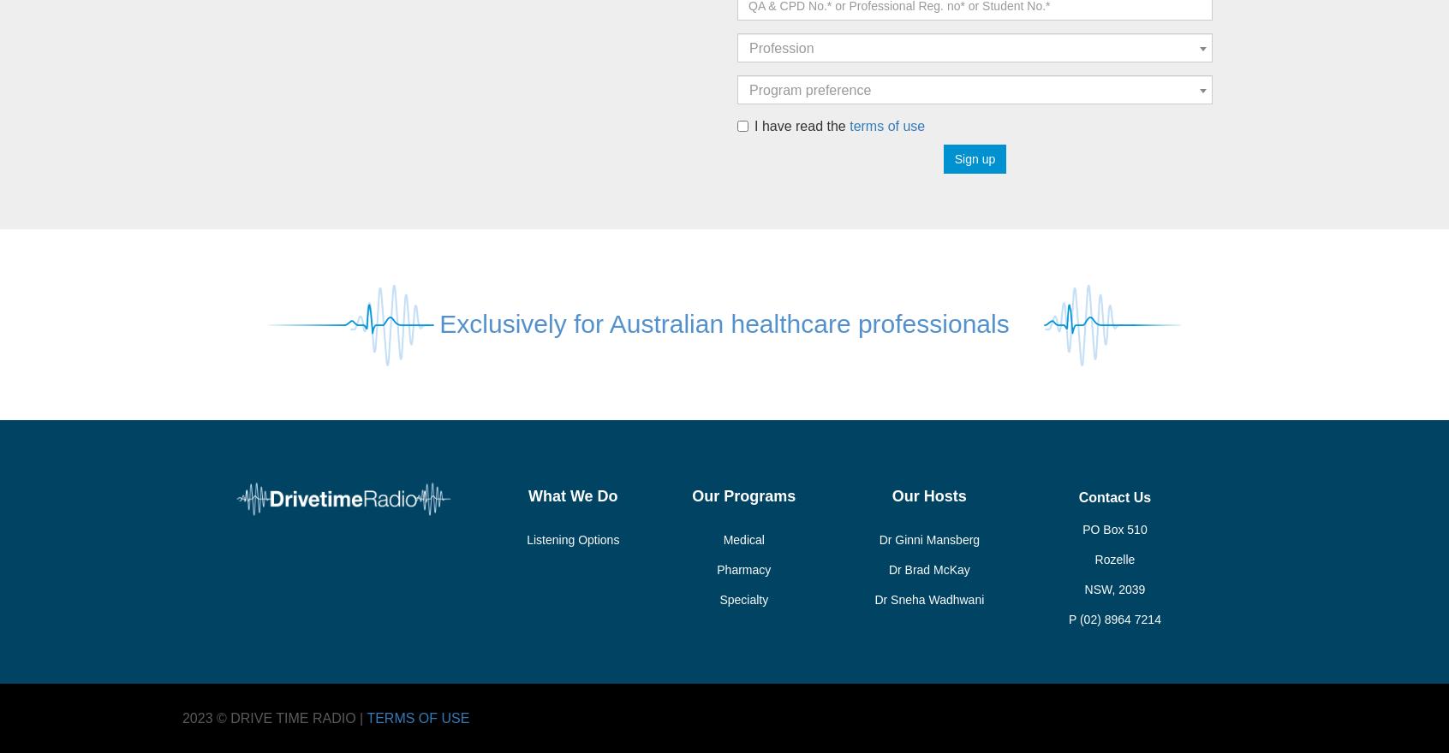 This screenshot has height=753, width=1449. I want to click on '2023 © DRIVE TIME RADIO |', so click(272, 717).